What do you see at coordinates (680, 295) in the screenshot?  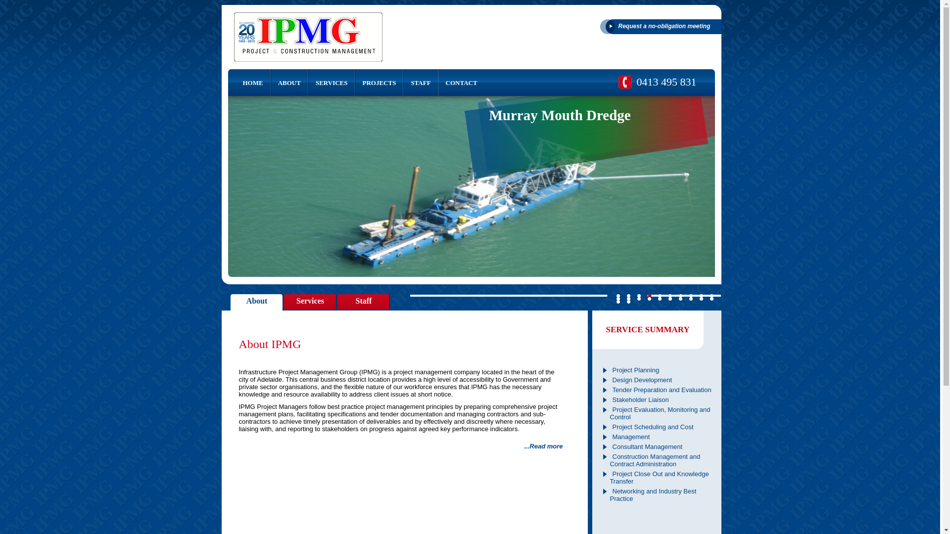 I see `'7'` at bounding box center [680, 295].